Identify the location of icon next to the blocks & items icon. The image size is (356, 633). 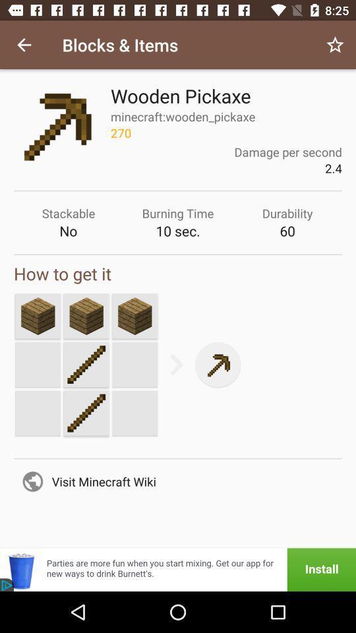
(335, 45).